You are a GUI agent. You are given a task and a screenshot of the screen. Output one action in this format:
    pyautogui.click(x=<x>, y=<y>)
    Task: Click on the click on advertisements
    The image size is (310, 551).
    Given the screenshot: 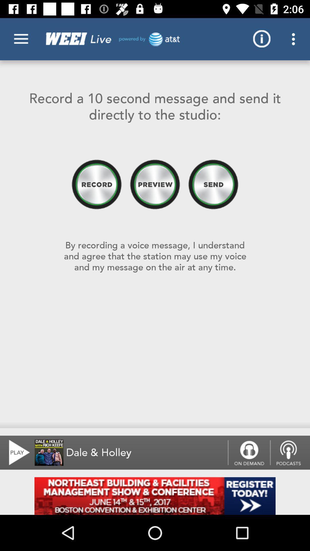 What is the action you would take?
    pyautogui.click(x=155, y=496)
    